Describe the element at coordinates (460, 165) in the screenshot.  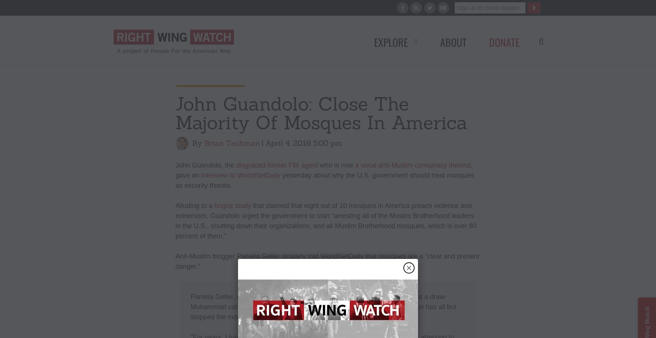
I see `'theorist'` at that location.